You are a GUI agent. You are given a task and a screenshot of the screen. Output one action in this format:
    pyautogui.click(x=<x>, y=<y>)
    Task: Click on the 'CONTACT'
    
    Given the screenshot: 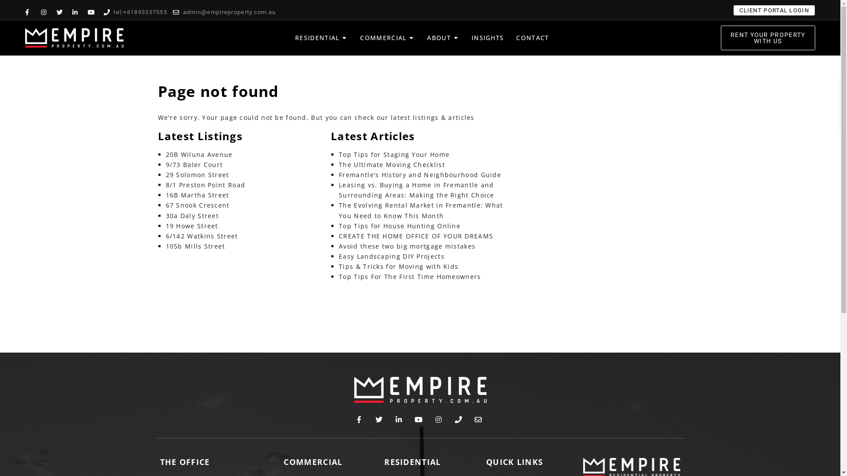 What is the action you would take?
    pyautogui.click(x=532, y=37)
    